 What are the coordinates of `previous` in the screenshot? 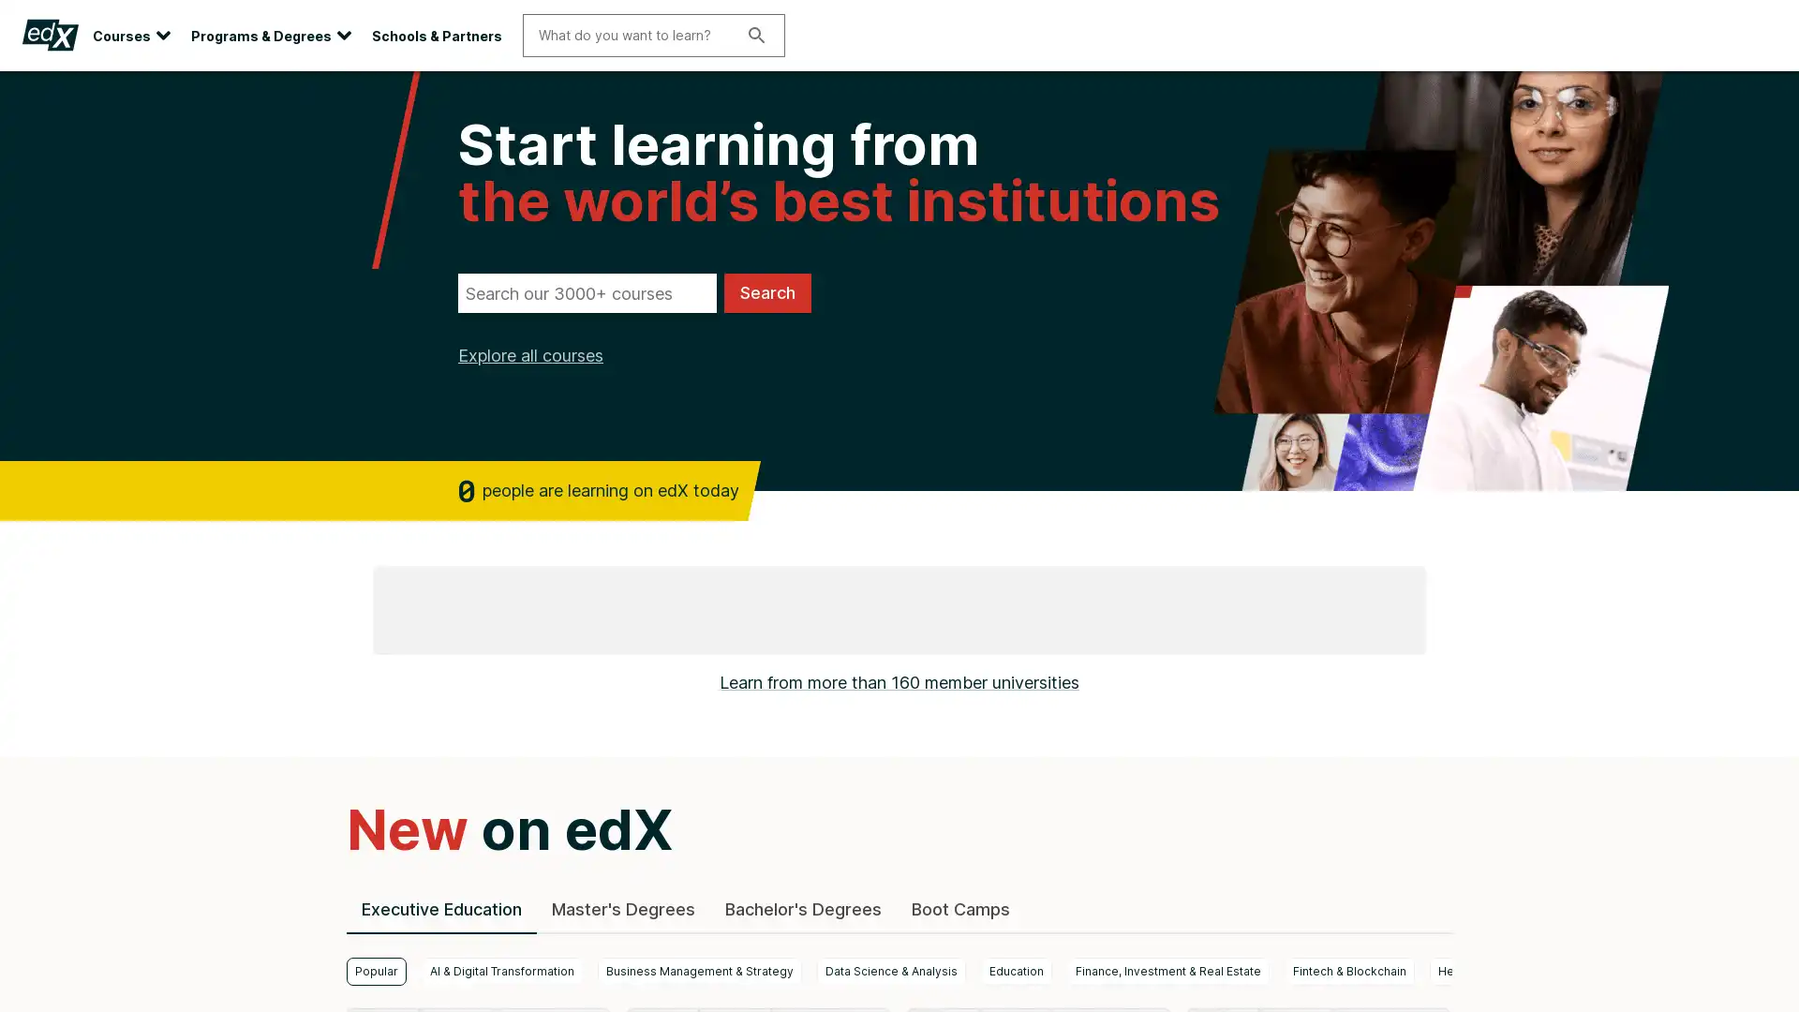 It's located at (353, 639).